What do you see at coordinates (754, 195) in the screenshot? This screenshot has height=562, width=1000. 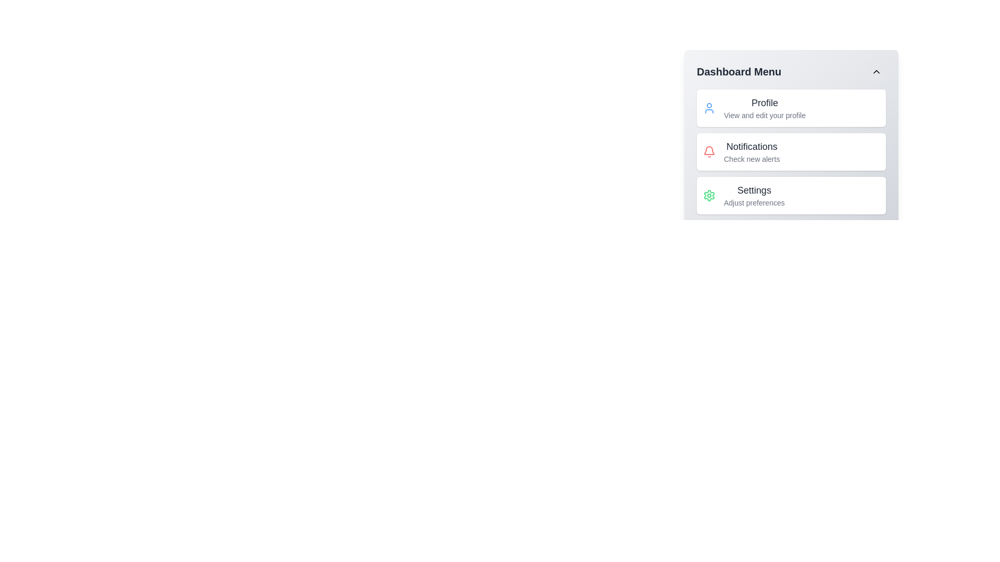 I see `the menu item labeled Settings to view its tooltip` at bounding box center [754, 195].